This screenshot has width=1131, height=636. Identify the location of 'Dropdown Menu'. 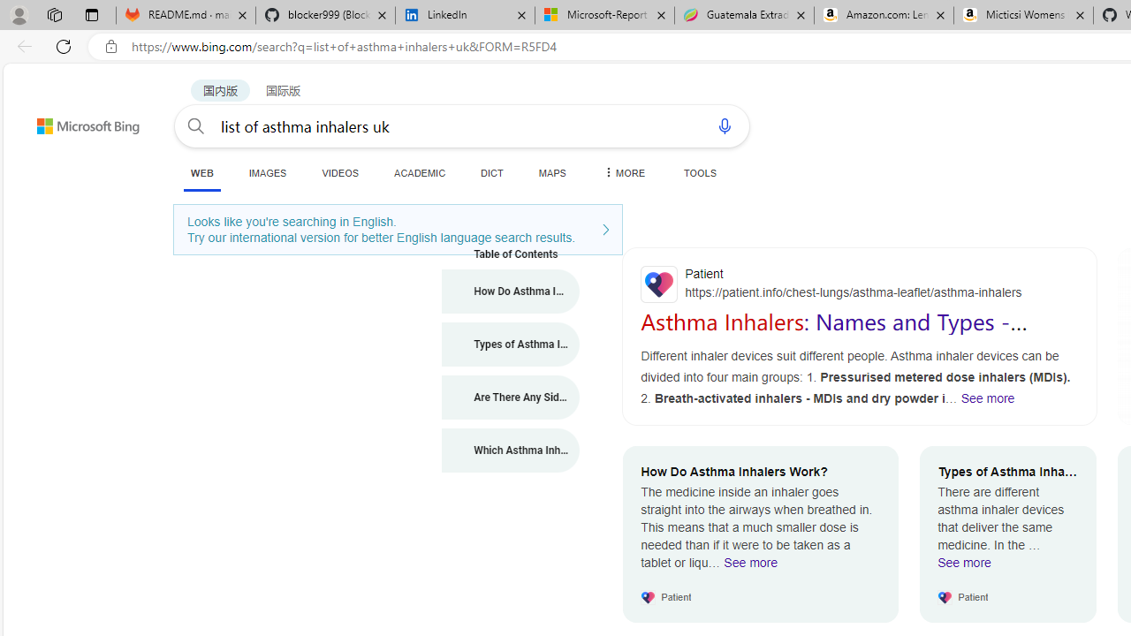
(623, 172).